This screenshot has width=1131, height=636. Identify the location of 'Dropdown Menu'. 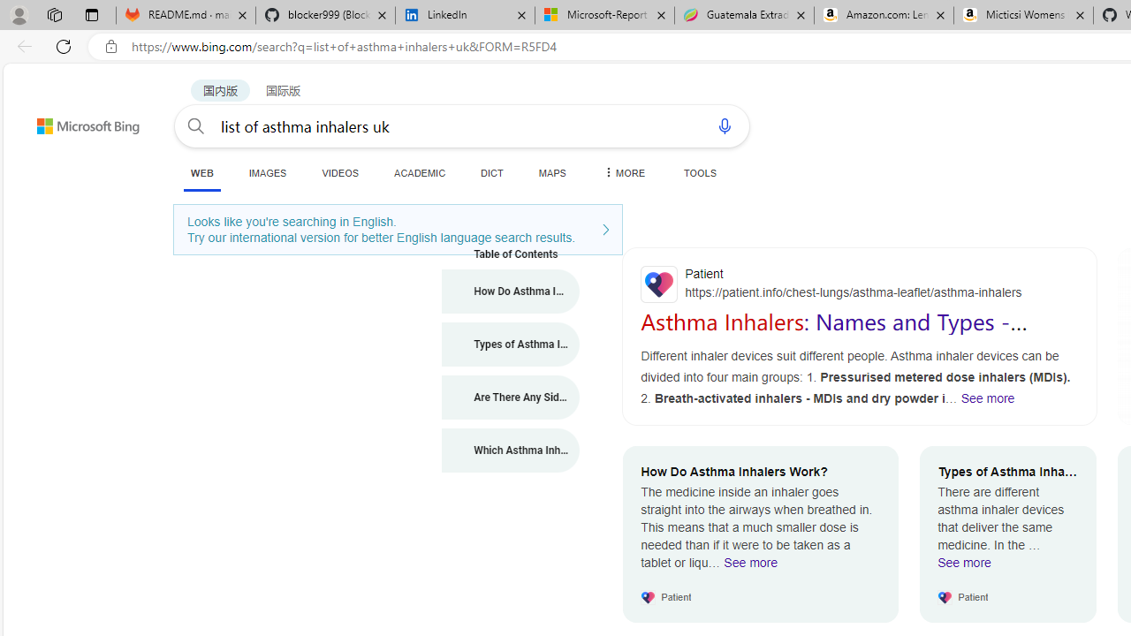
(623, 172).